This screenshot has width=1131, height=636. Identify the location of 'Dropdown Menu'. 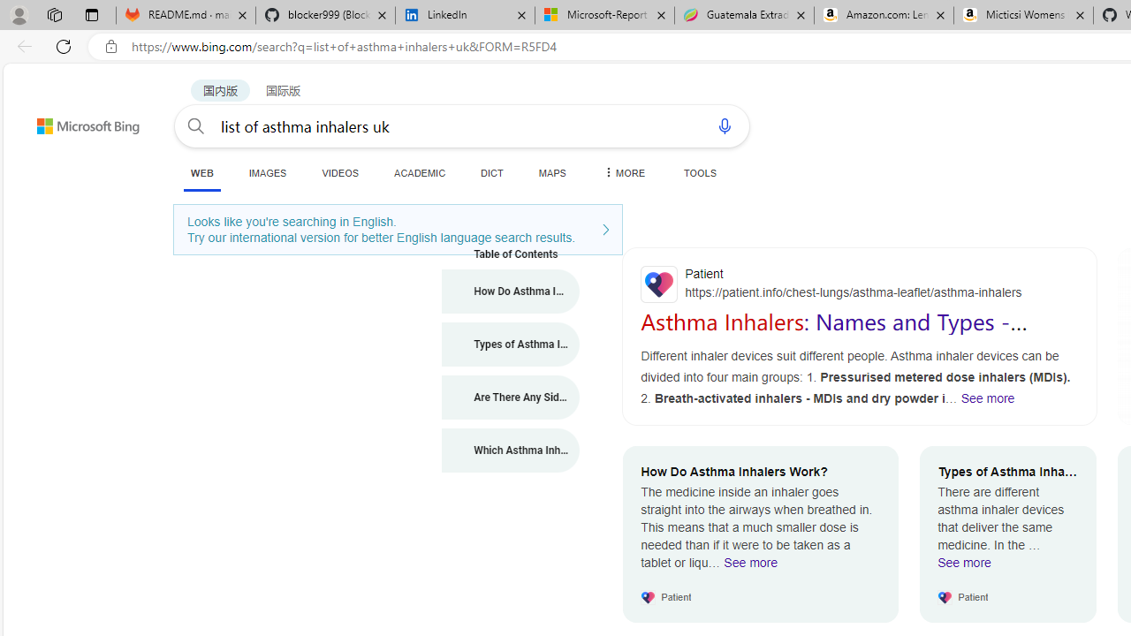
(623, 172).